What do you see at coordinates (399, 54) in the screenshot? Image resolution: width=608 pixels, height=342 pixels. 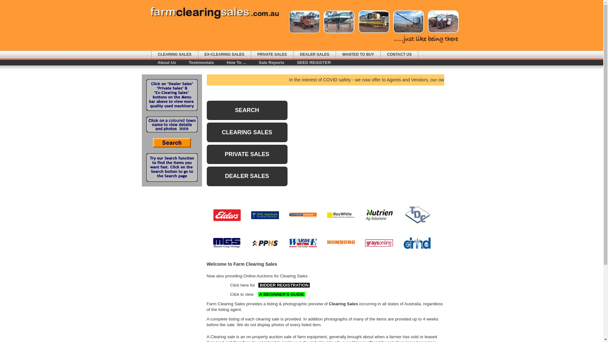 I see `'CONTACT US'` at bounding box center [399, 54].